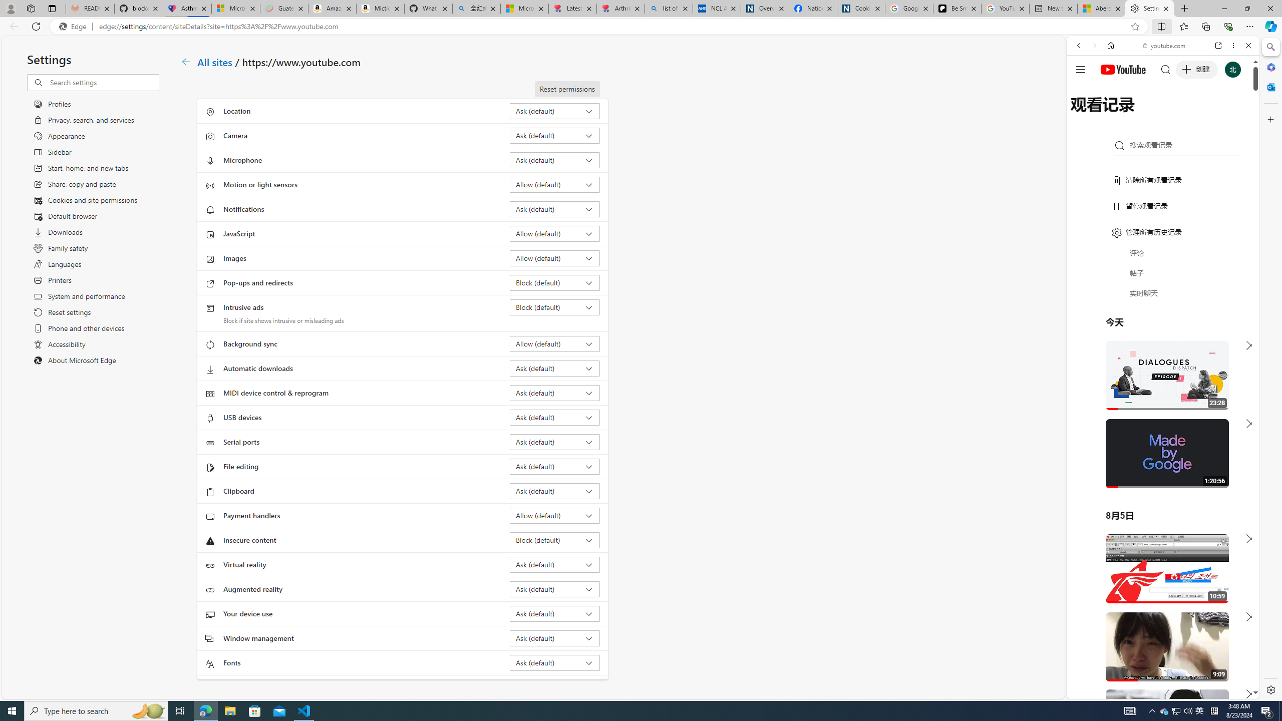  What do you see at coordinates (1083, 115) in the screenshot?
I see `'WEB  '` at bounding box center [1083, 115].